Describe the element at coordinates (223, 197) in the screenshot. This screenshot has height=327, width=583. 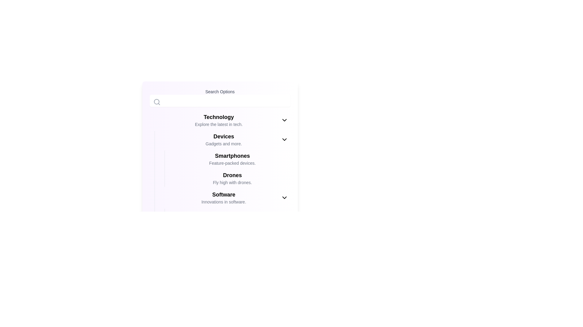
I see `the 'Software' text-based menu entry` at that location.